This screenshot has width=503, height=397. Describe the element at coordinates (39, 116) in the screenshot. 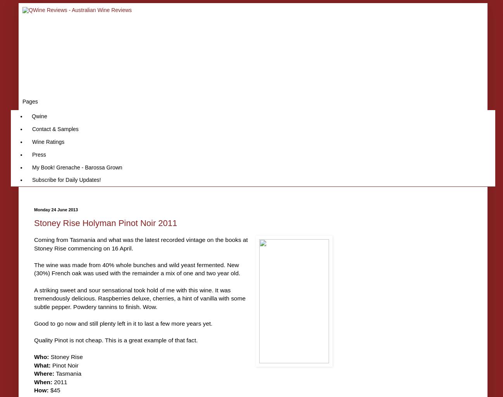

I see `'Qwine'` at that location.